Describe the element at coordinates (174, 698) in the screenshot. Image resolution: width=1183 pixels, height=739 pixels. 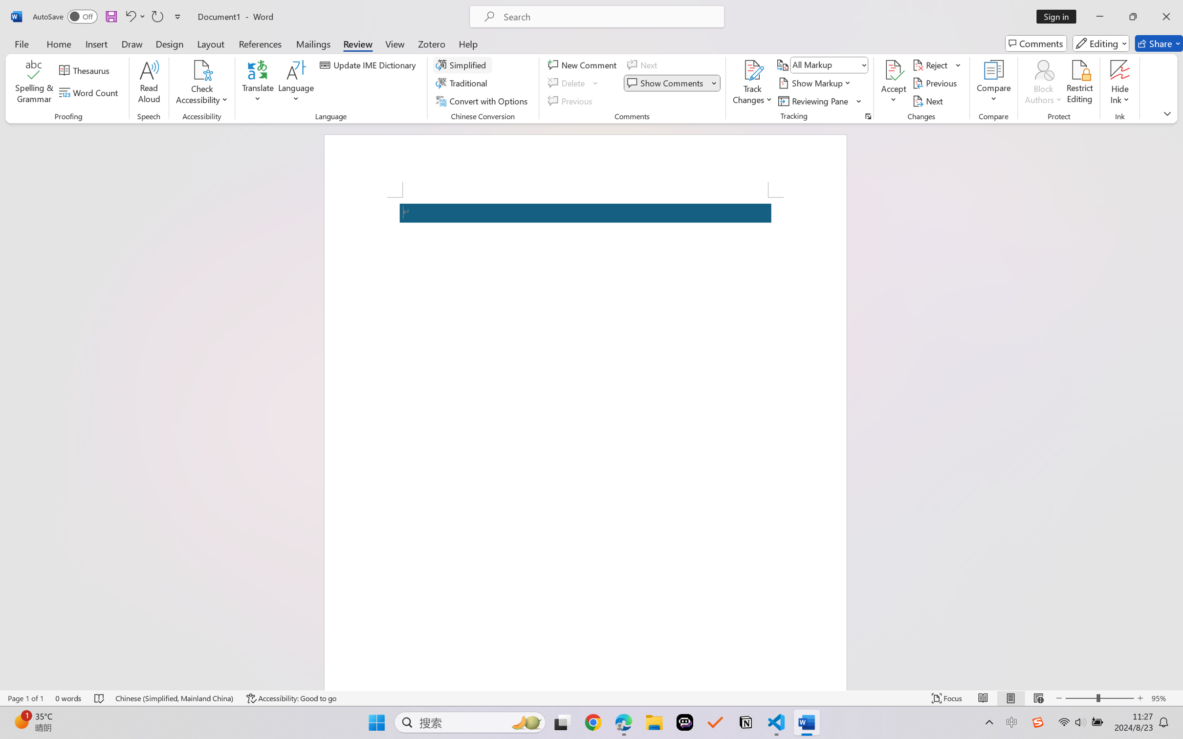
I see `'Language Chinese (Simplified, Mainland China)'` at that location.